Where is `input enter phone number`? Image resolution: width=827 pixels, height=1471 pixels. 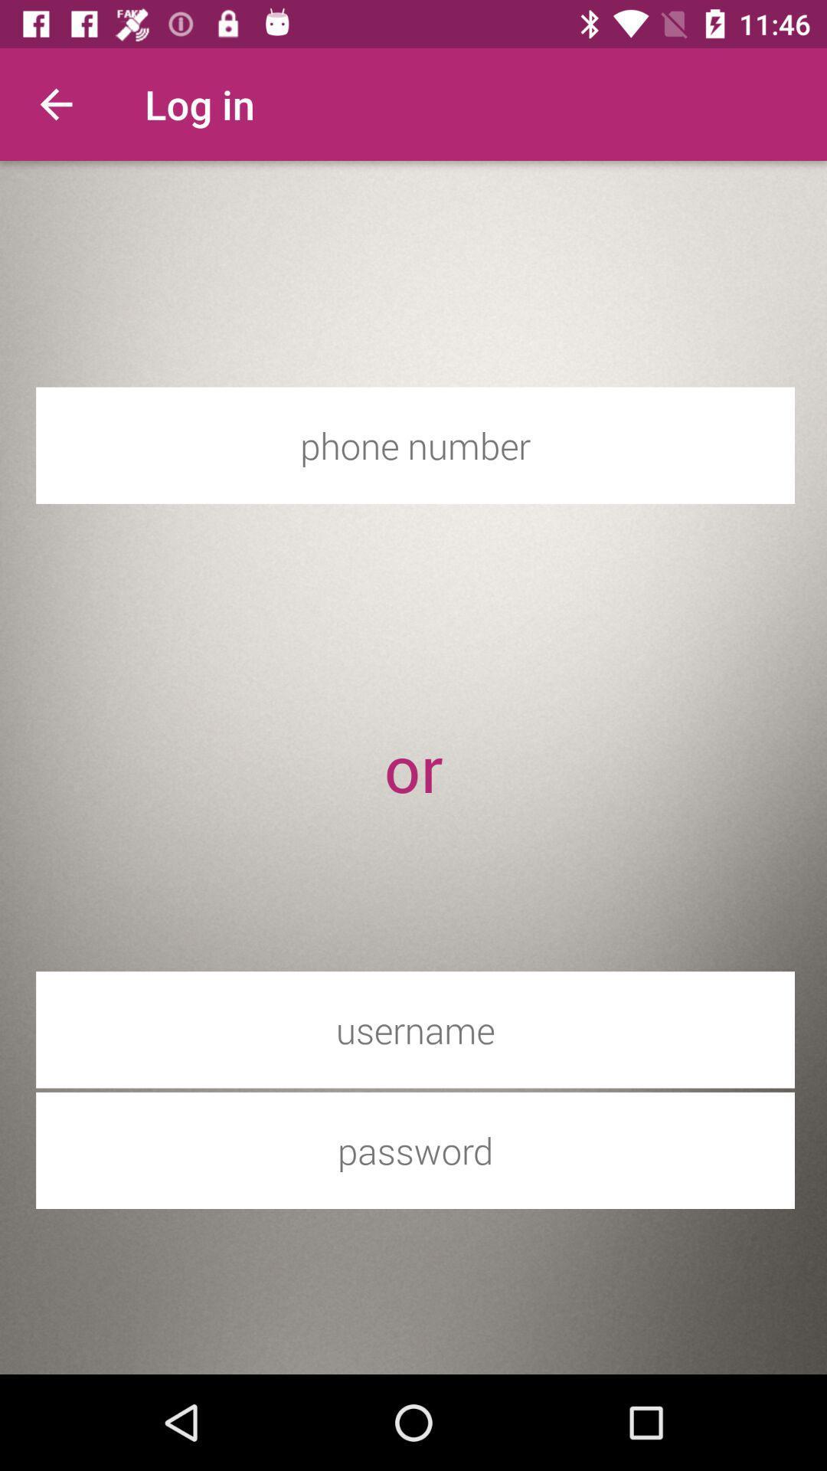 input enter phone number is located at coordinates (415, 444).